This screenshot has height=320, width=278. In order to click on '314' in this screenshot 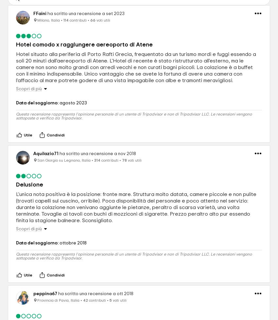, I will do `click(97, 160)`.